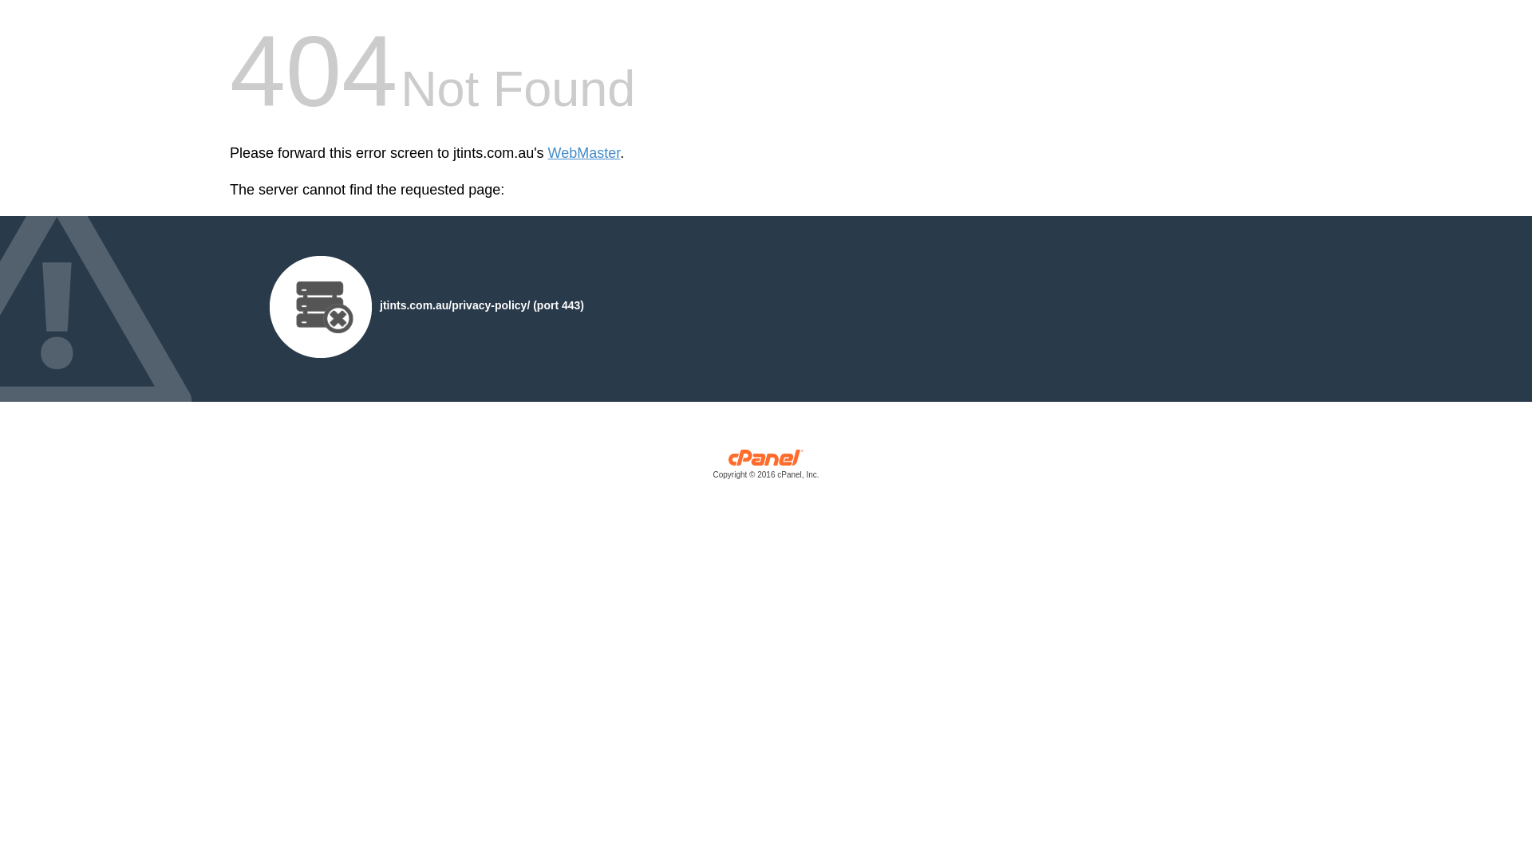  I want to click on 'WebMaster', so click(583, 153).